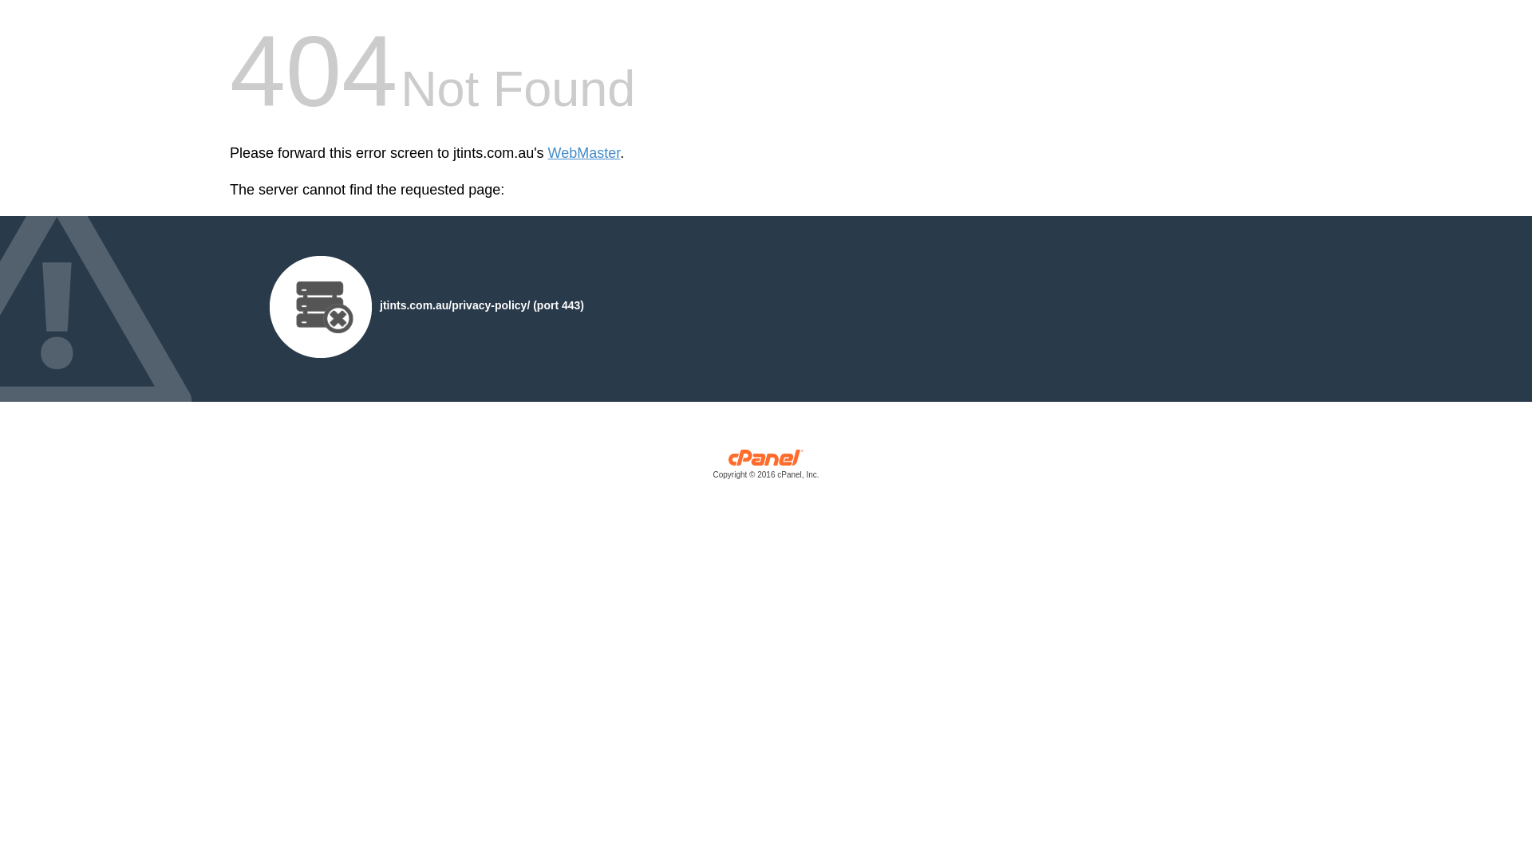  I want to click on 'WebMaster', so click(583, 153).